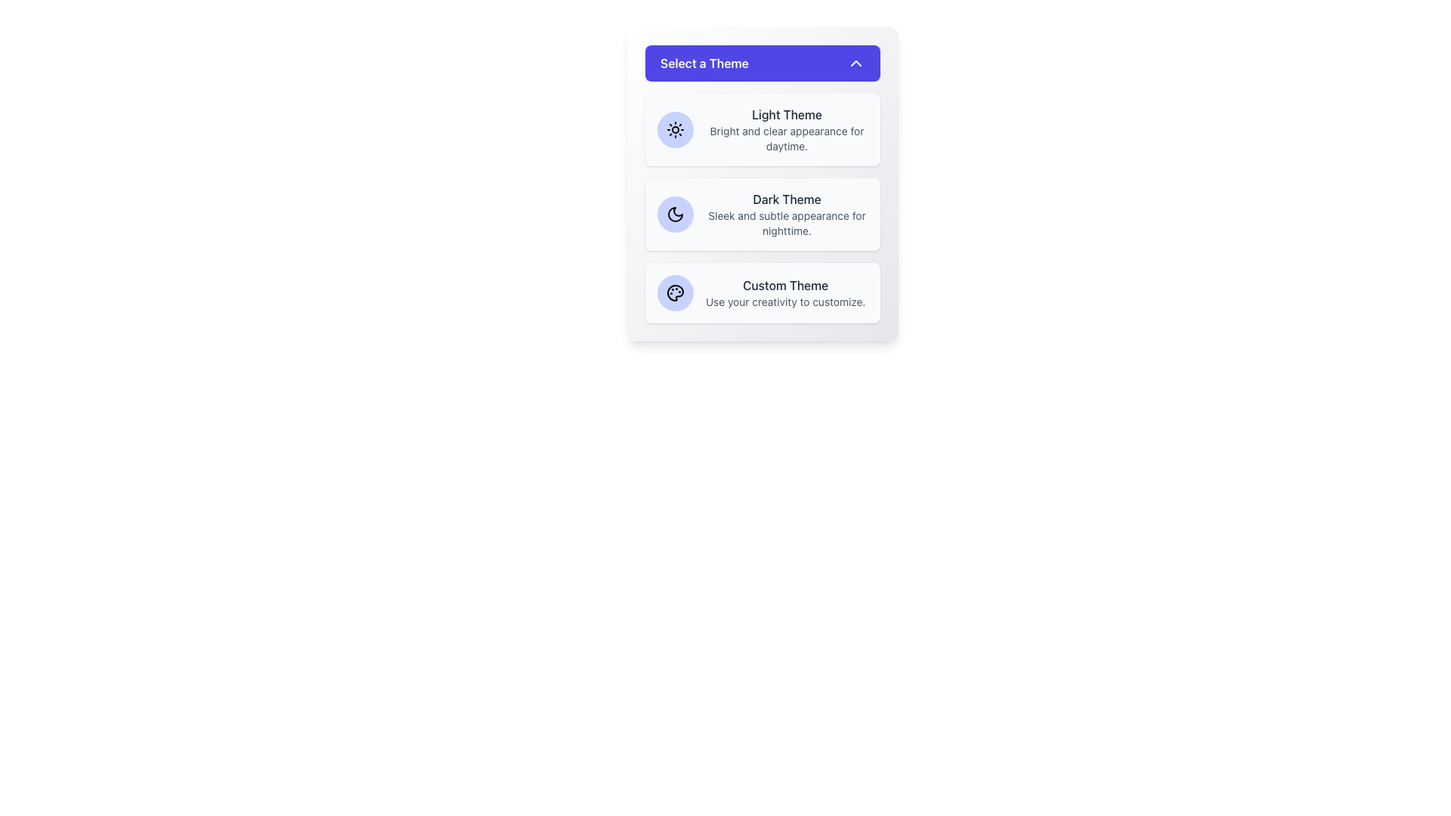 This screenshot has height=816, width=1451. What do you see at coordinates (674, 215) in the screenshot?
I see `the moon-shaped icon within the circular light indigo background` at bounding box center [674, 215].